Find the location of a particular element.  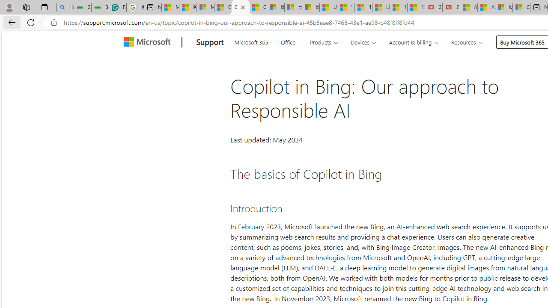

'View site information' is located at coordinates (54, 22).